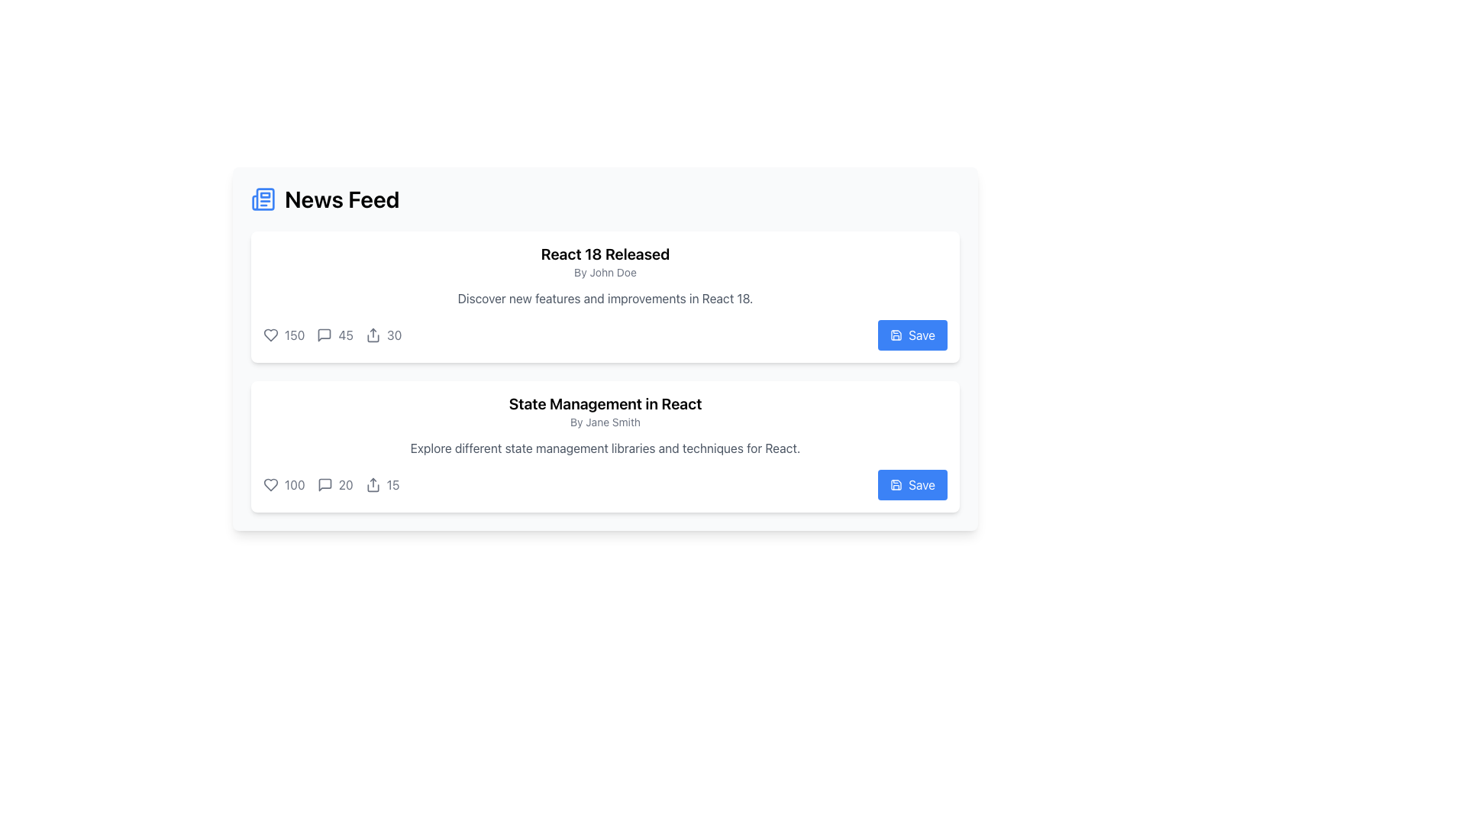 This screenshot has height=825, width=1466. I want to click on text label element displaying 'By John Doe', which is located below the heading 'React 18 Released' in a card-like section, so click(604, 272).